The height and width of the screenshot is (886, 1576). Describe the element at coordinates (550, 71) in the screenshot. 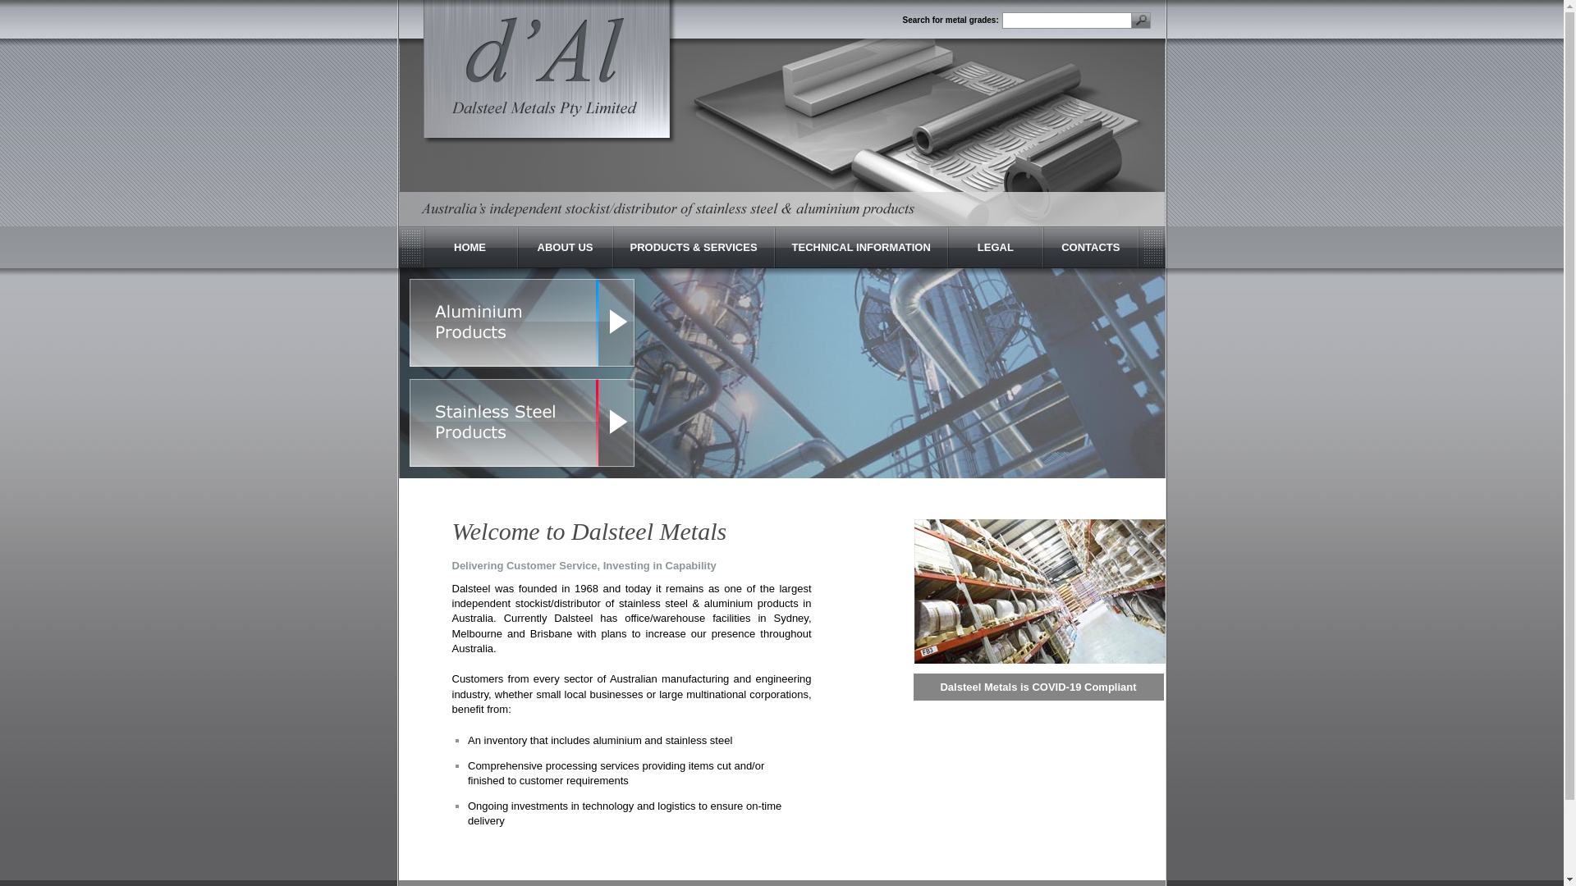

I see `'Dalsteel Metals'` at that location.